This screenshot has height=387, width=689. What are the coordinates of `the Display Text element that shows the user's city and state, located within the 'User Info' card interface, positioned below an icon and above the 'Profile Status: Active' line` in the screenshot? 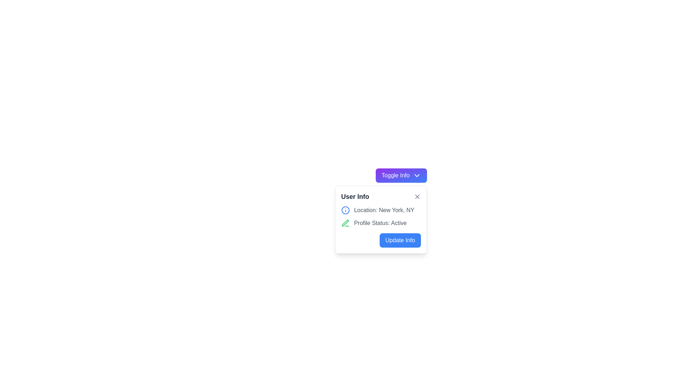 It's located at (384, 210).